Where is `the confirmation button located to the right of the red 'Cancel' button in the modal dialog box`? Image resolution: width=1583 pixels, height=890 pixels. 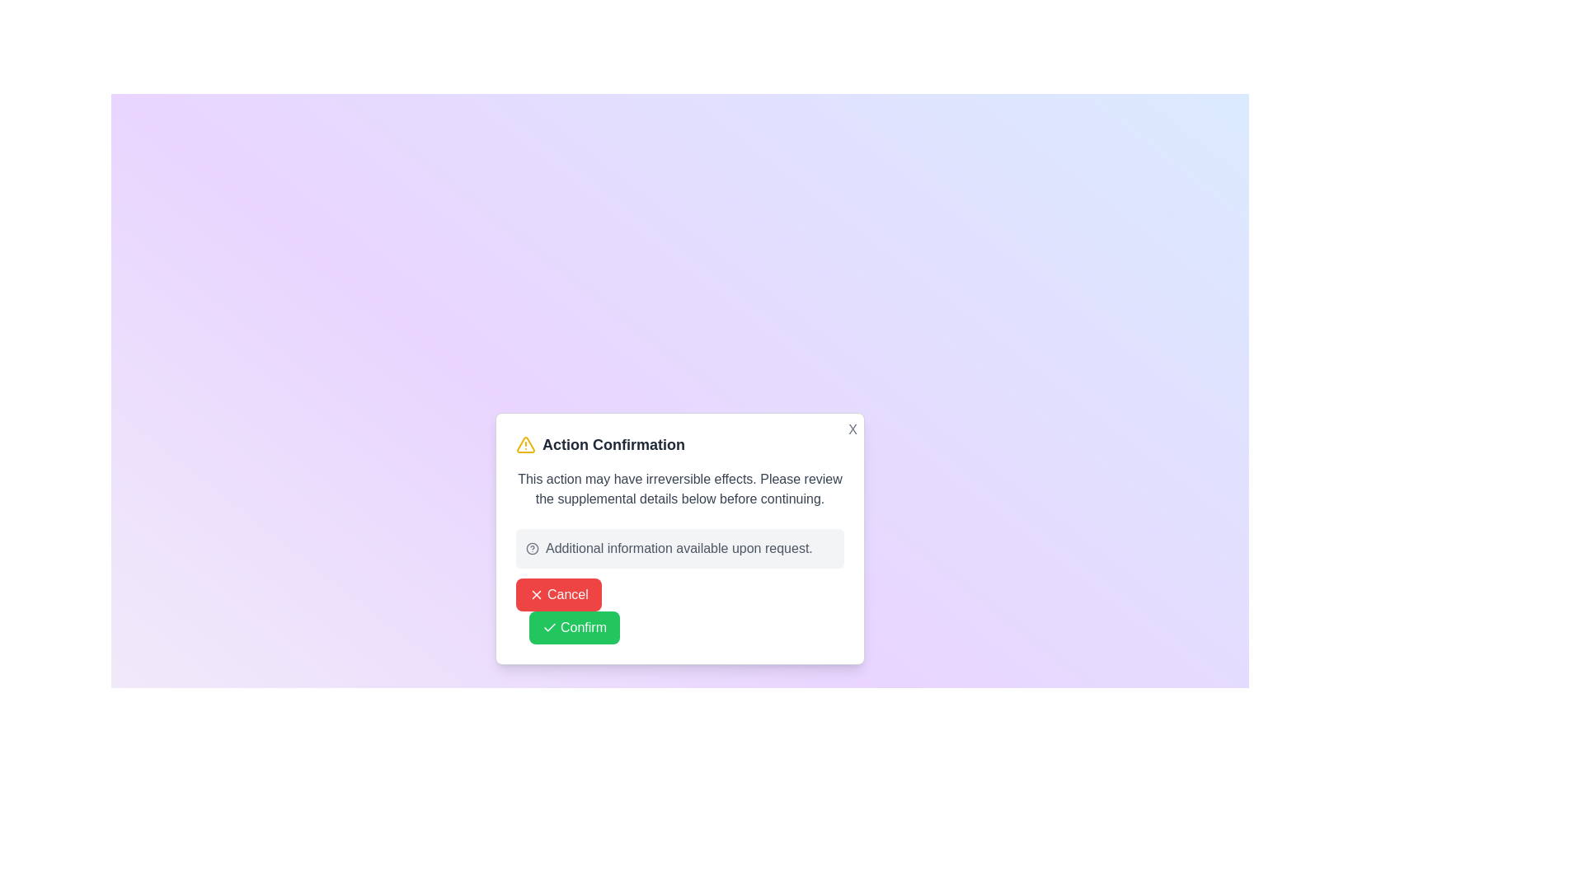 the confirmation button located to the right of the red 'Cancel' button in the modal dialog box is located at coordinates (574, 628).